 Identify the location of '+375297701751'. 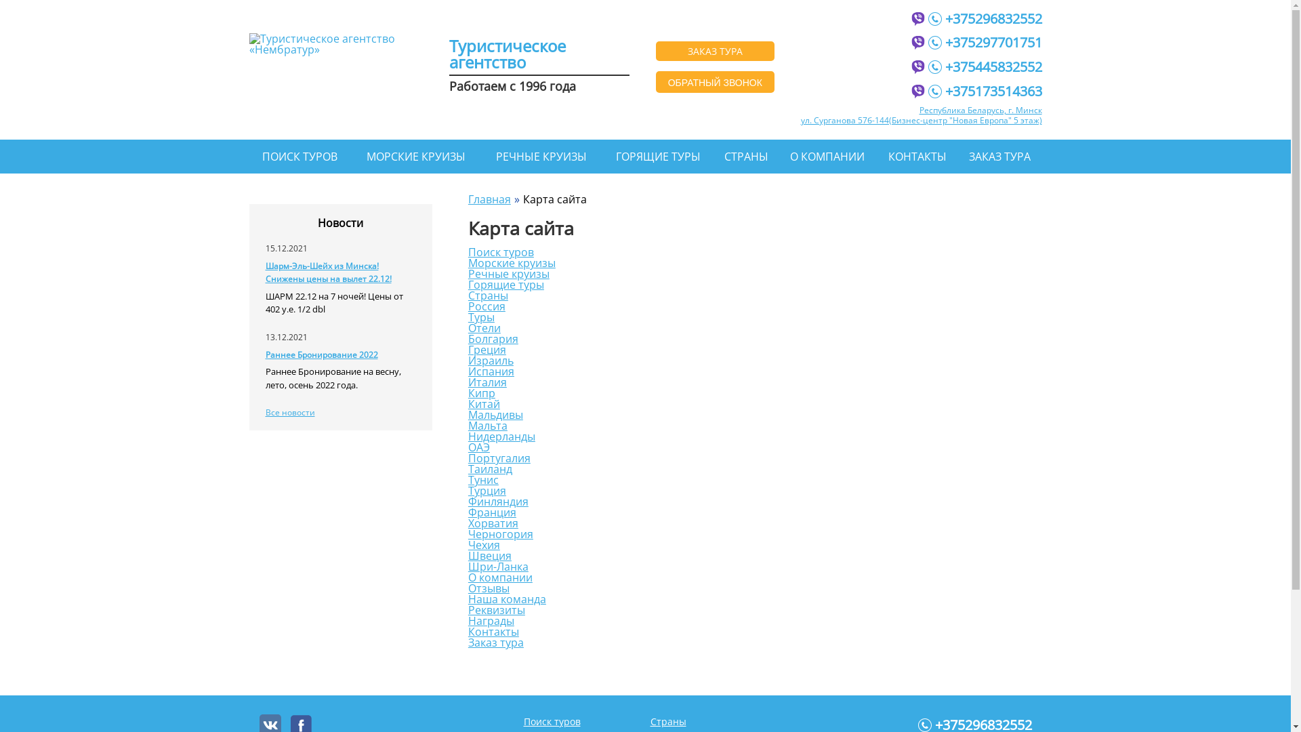
(927, 41).